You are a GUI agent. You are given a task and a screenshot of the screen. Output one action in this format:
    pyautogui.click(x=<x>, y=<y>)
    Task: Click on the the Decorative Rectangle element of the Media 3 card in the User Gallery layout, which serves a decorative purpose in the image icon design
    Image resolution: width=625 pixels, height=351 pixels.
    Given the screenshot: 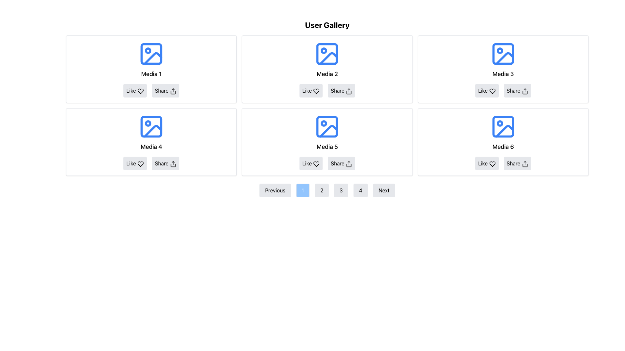 What is the action you would take?
    pyautogui.click(x=503, y=53)
    